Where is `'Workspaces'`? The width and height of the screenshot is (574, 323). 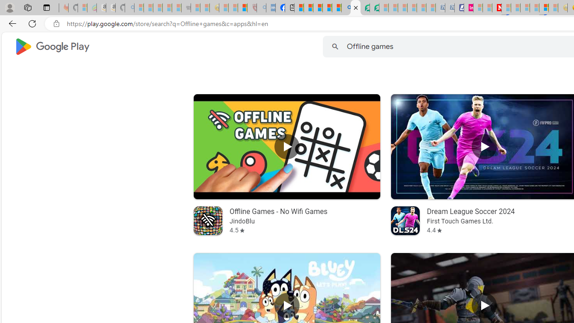
'Workspaces' is located at coordinates (27, 7).